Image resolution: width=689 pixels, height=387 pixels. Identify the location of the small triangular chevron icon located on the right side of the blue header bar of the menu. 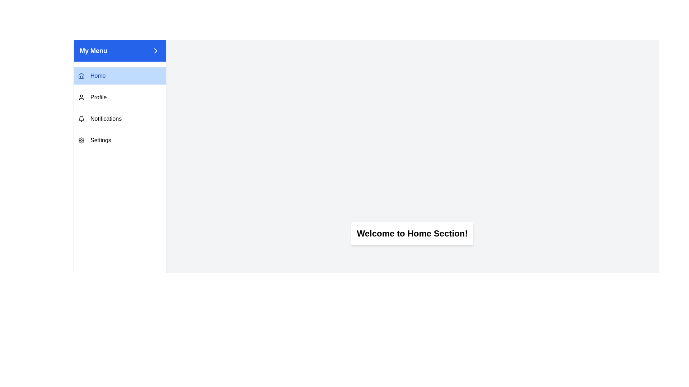
(155, 51).